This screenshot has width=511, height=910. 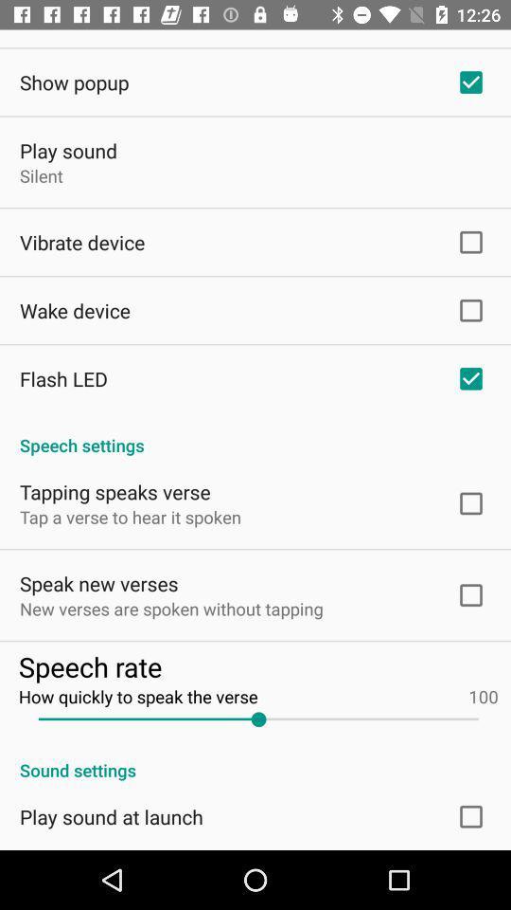 What do you see at coordinates (130, 517) in the screenshot?
I see `the tap a verse` at bounding box center [130, 517].